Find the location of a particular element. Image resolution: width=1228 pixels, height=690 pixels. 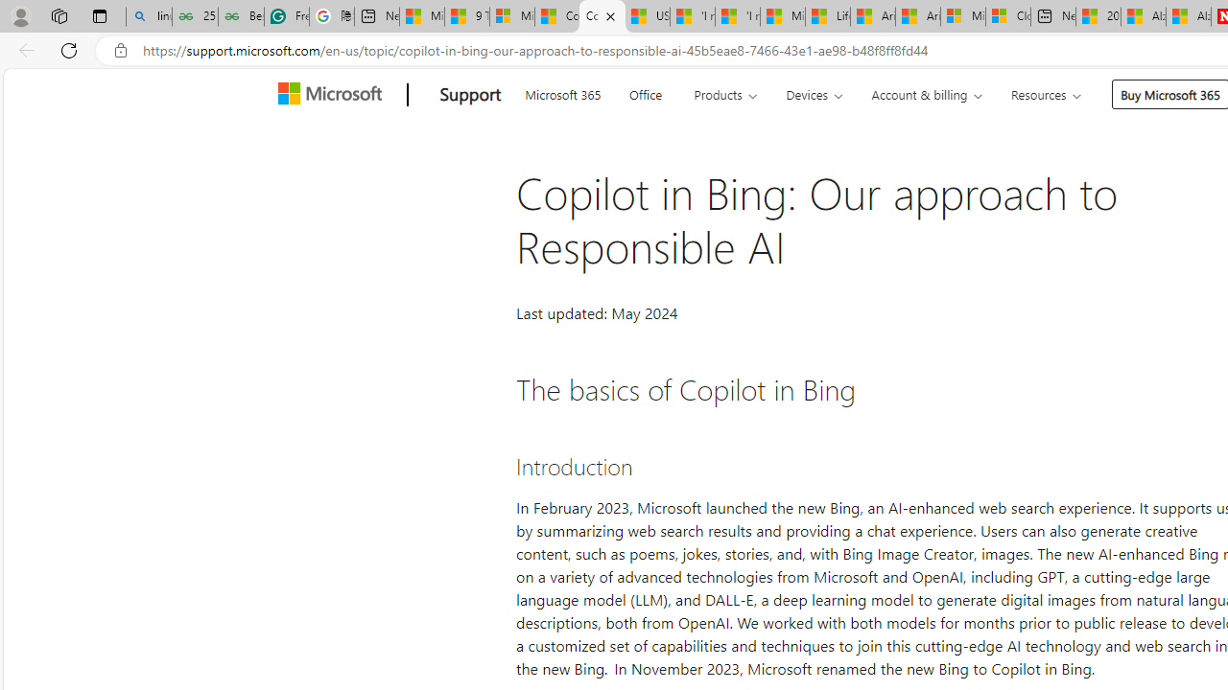

'Free AI Writing Assistance for Students | Grammarly' is located at coordinates (286, 16).